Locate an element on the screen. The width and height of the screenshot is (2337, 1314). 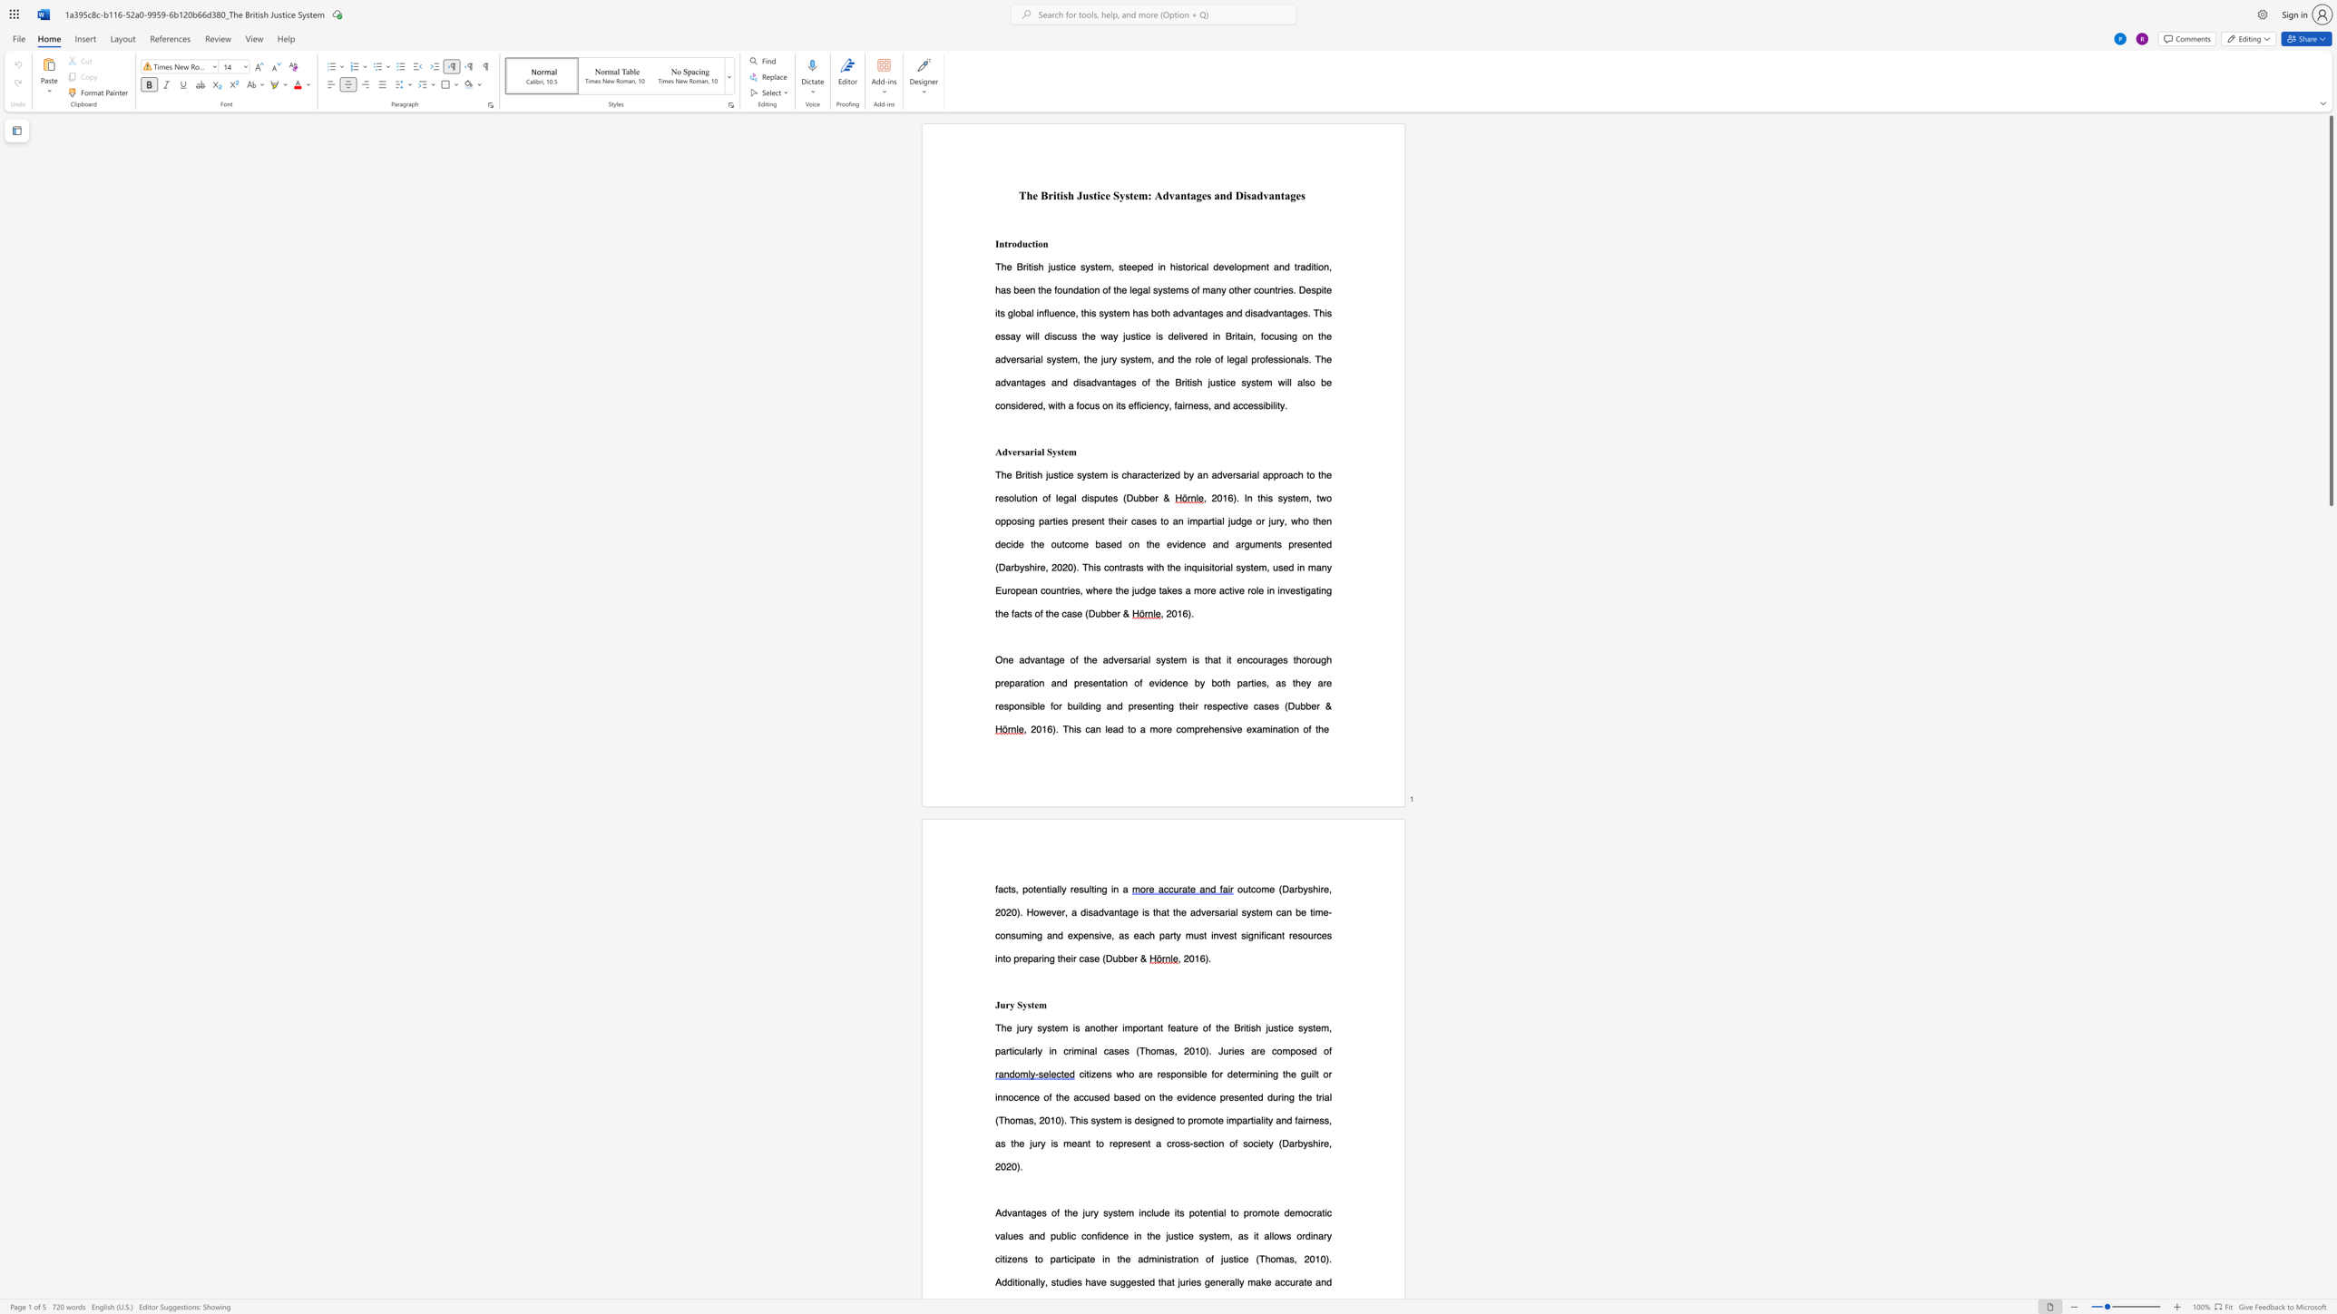
the subset text "onsible" within the text "are responsible for" is located at coordinates (1014, 705).